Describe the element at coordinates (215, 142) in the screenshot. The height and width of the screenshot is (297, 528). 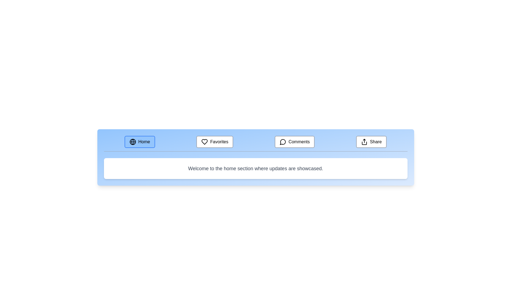
I see `the Favorites tab by clicking on it` at that location.